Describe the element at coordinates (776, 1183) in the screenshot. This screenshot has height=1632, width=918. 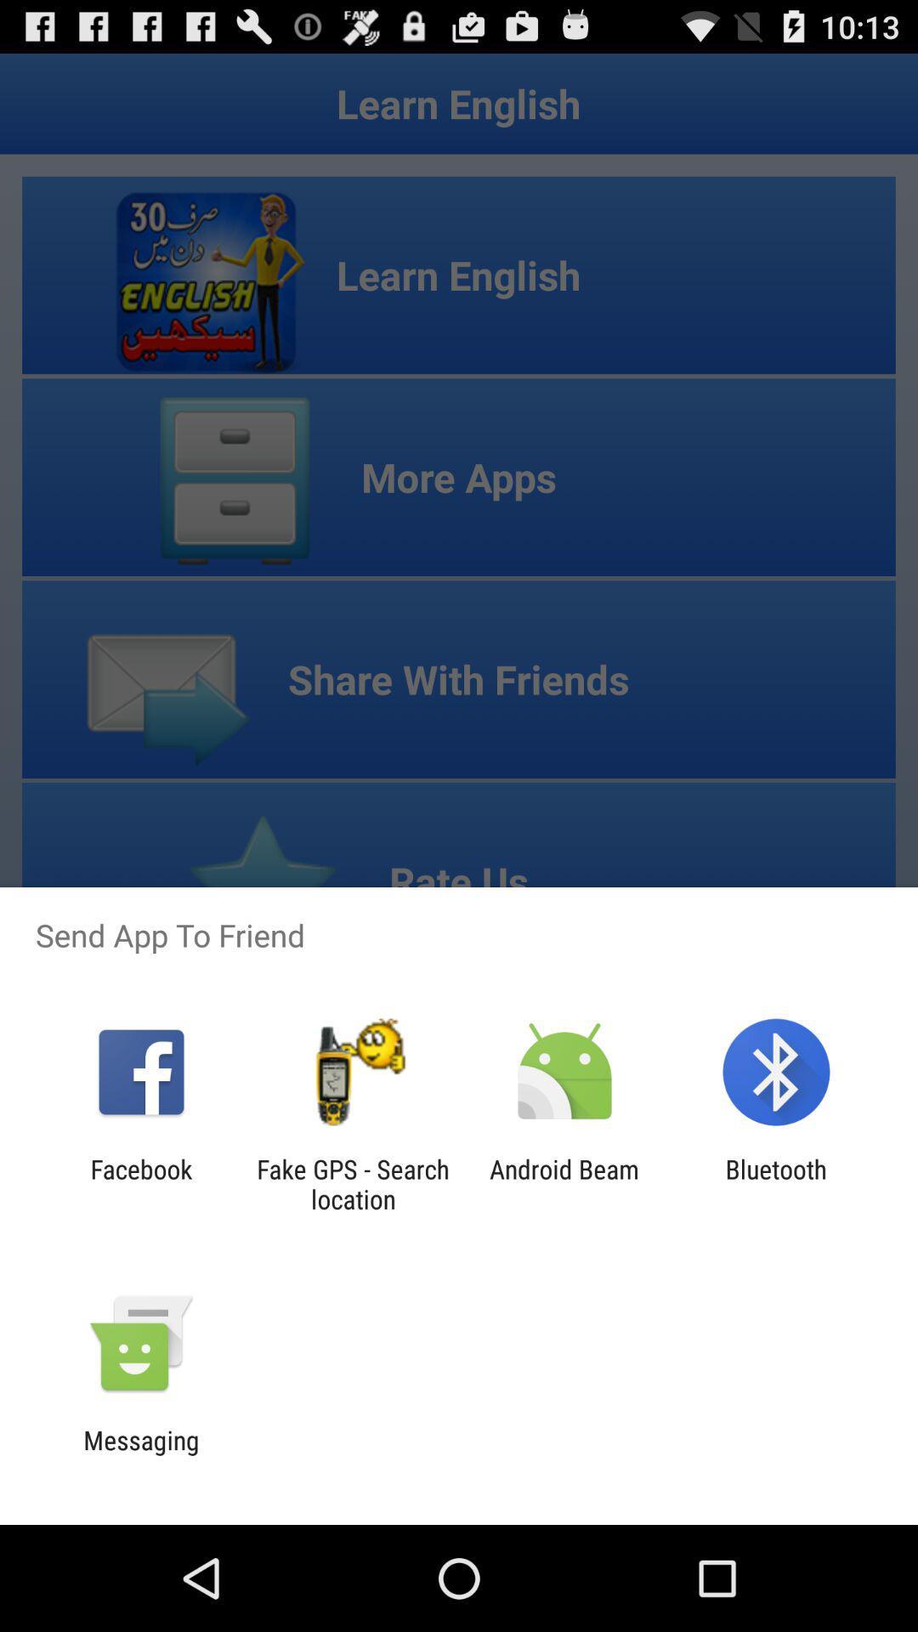
I see `item at the bottom right corner` at that location.